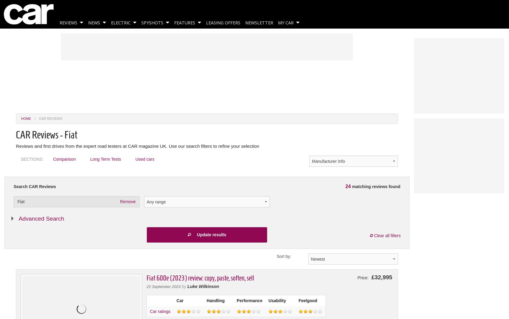 The height and width of the screenshot is (319, 509). Describe the element at coordinates (277, 300) in the screenshot. I see `'Usability'` at that location.